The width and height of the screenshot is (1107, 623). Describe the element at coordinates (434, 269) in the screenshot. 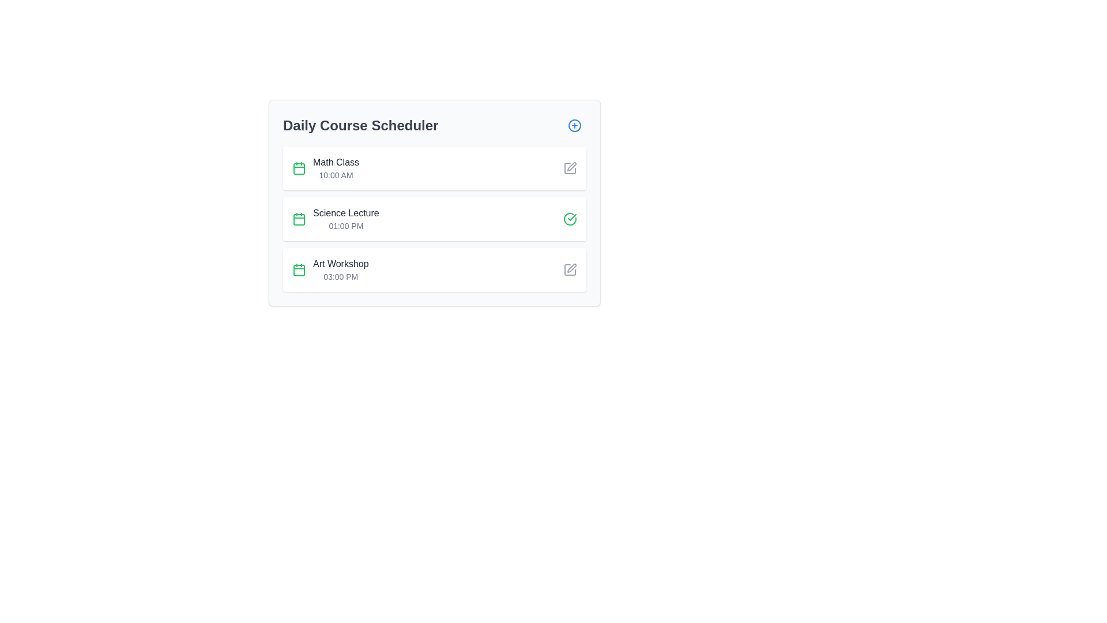

I see `the third Event card in the Daily Course Scheduler section` at that location.